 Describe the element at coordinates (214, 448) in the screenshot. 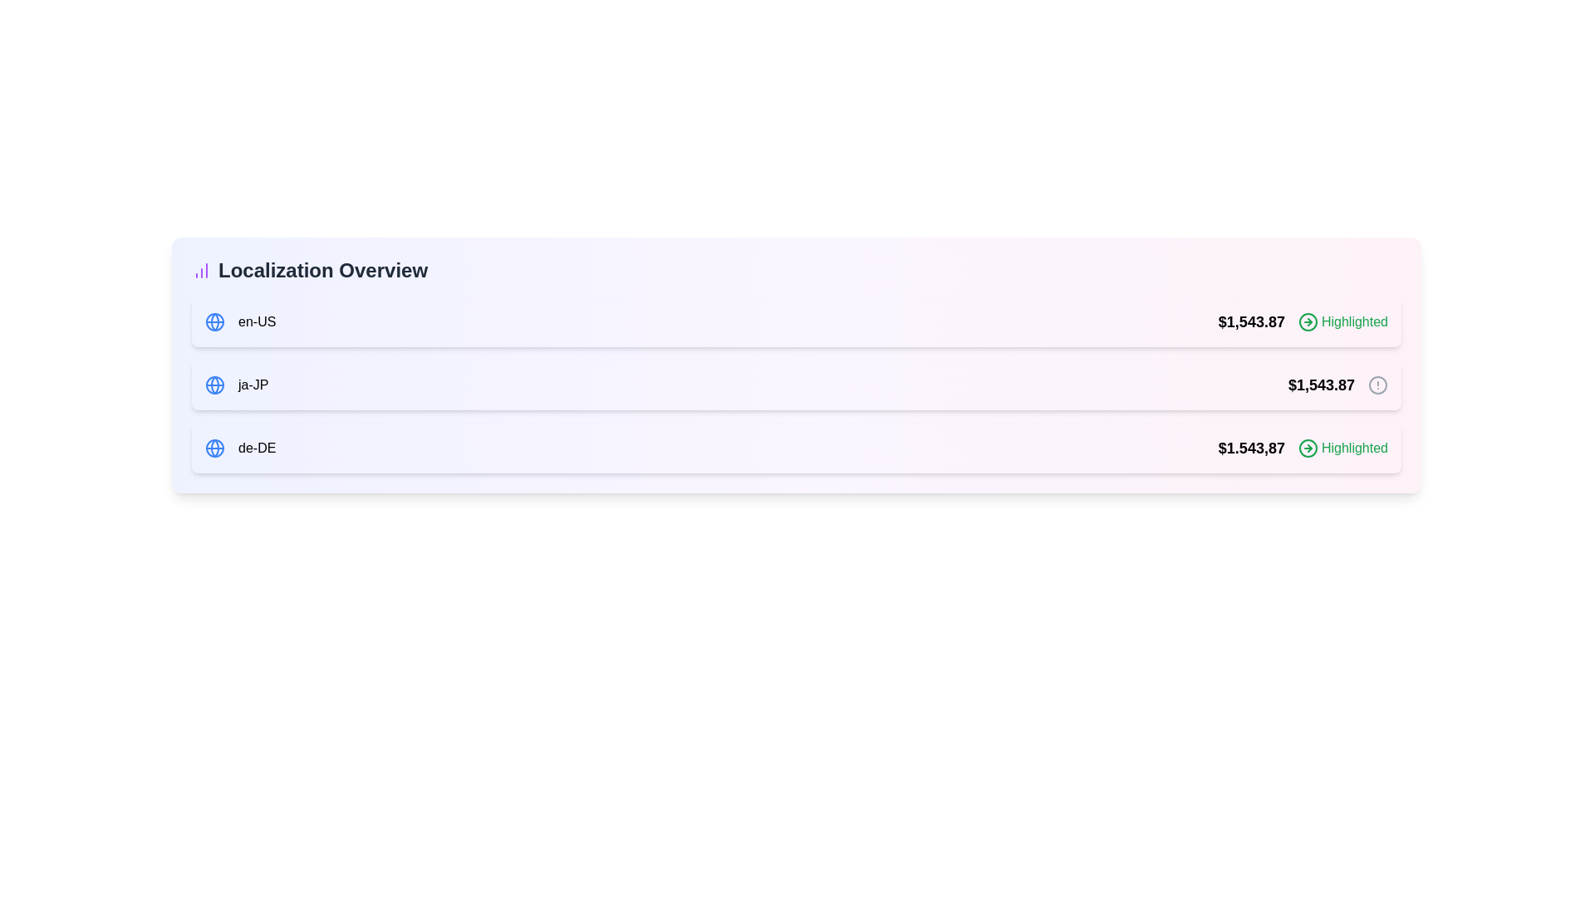

I see `the Decorative icon that signifies the language 'de-DE', which is located to the extreme left of the 'de-DE' text in the third row of a vertically stacked list` at that location.